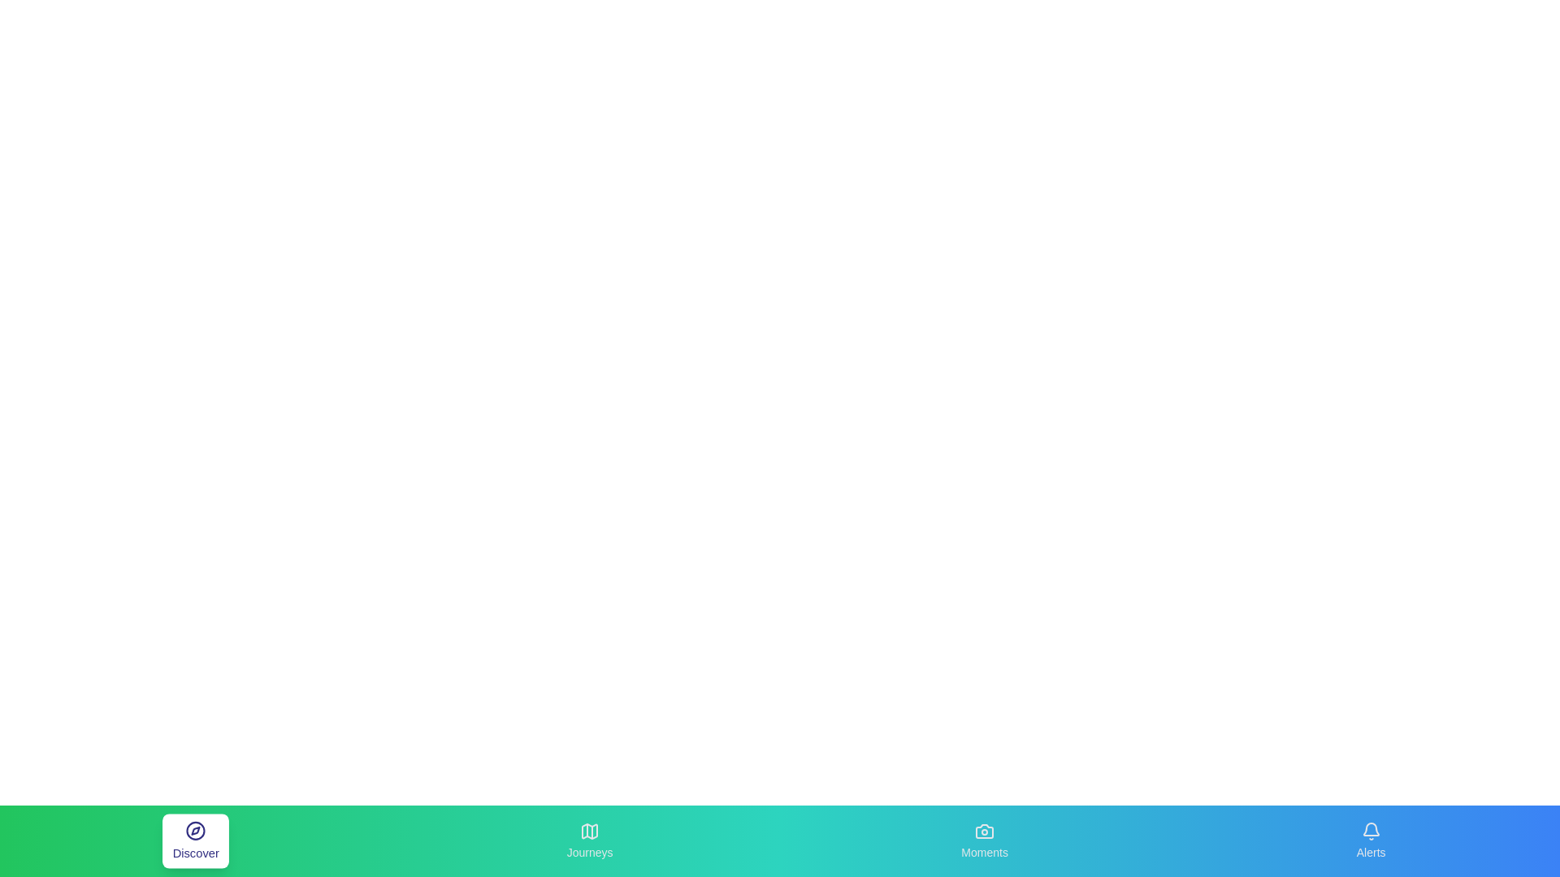 This screenshot has width=1560, height=877. Describe the element at coordinates (983, 840) in the screenshot. I see `the Moments tab to observe its visual feedback` at that location.